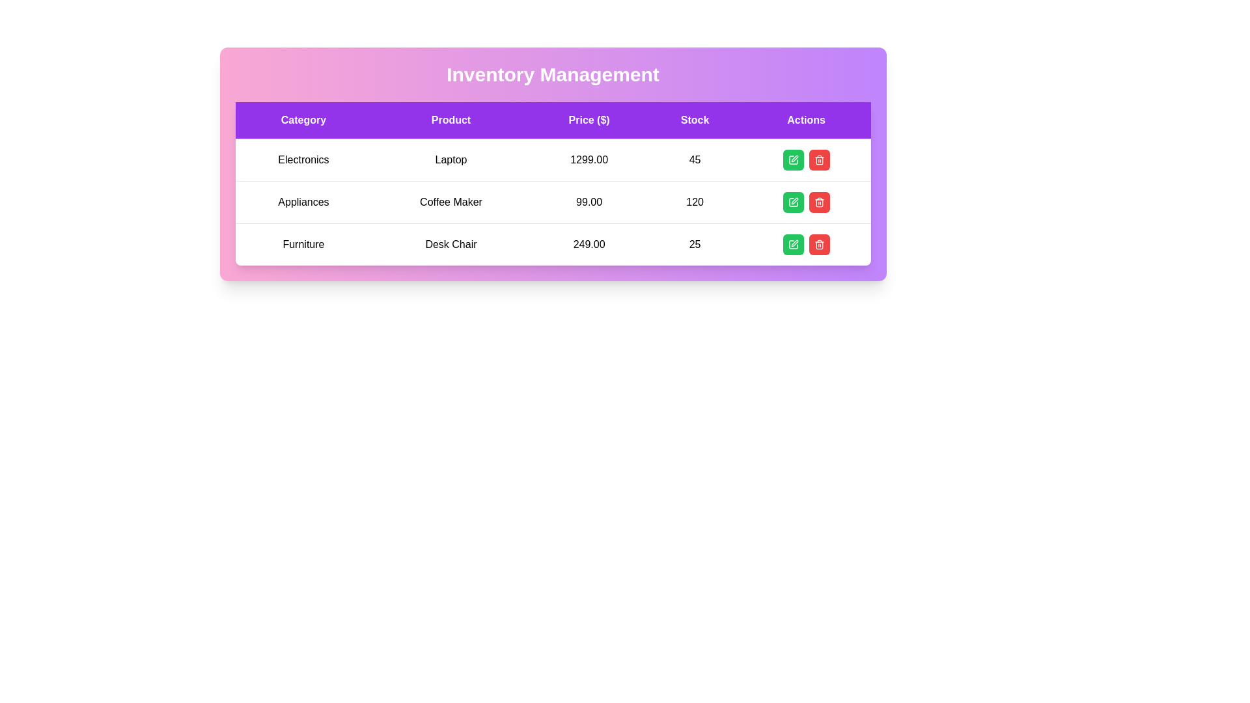 This screenshot has width=1250, height=703. What do you see at coordinates (818, 160) in the screenshot?
I see `the trash bin icon within the red delete button located on the rightmost side of the second row of the table corresponding to 'Appliances - Coffee Maker'` at bounding box center [818, 160].